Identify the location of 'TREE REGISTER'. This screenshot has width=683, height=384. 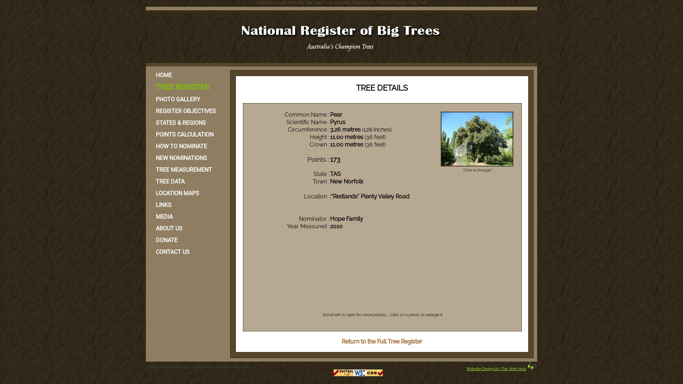
(187, 87).